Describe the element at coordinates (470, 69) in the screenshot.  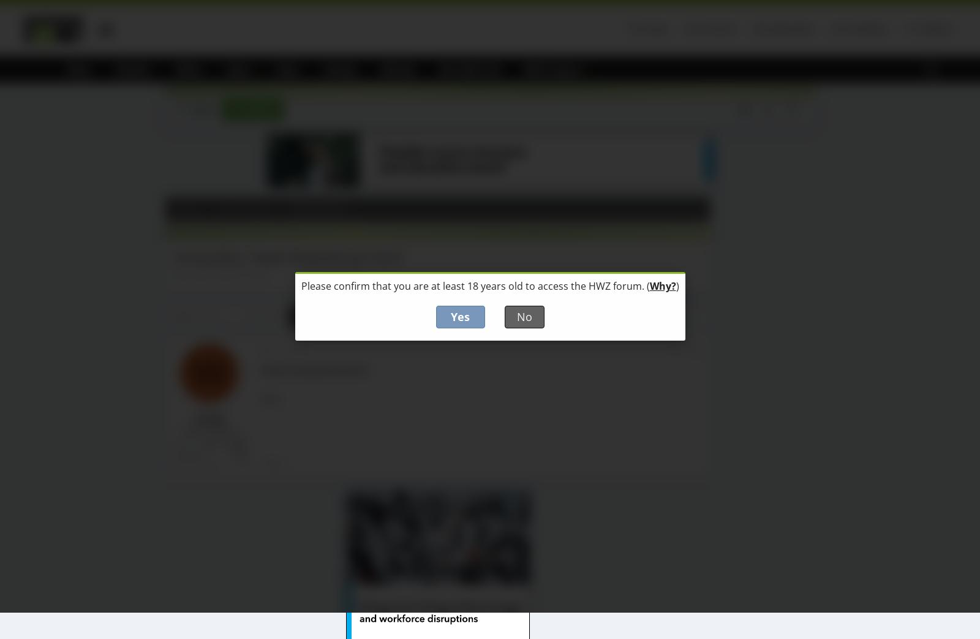
I see `'Biz & SME Tech'` at that location.